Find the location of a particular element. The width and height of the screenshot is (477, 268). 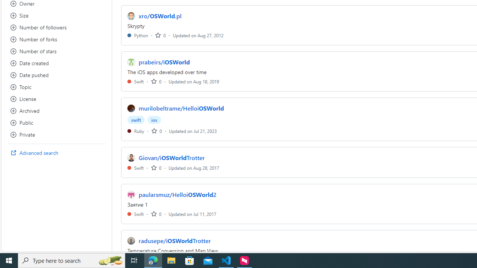

'murilobeltrame/HelloiOSWorld' is located at coordinates (181, 108).